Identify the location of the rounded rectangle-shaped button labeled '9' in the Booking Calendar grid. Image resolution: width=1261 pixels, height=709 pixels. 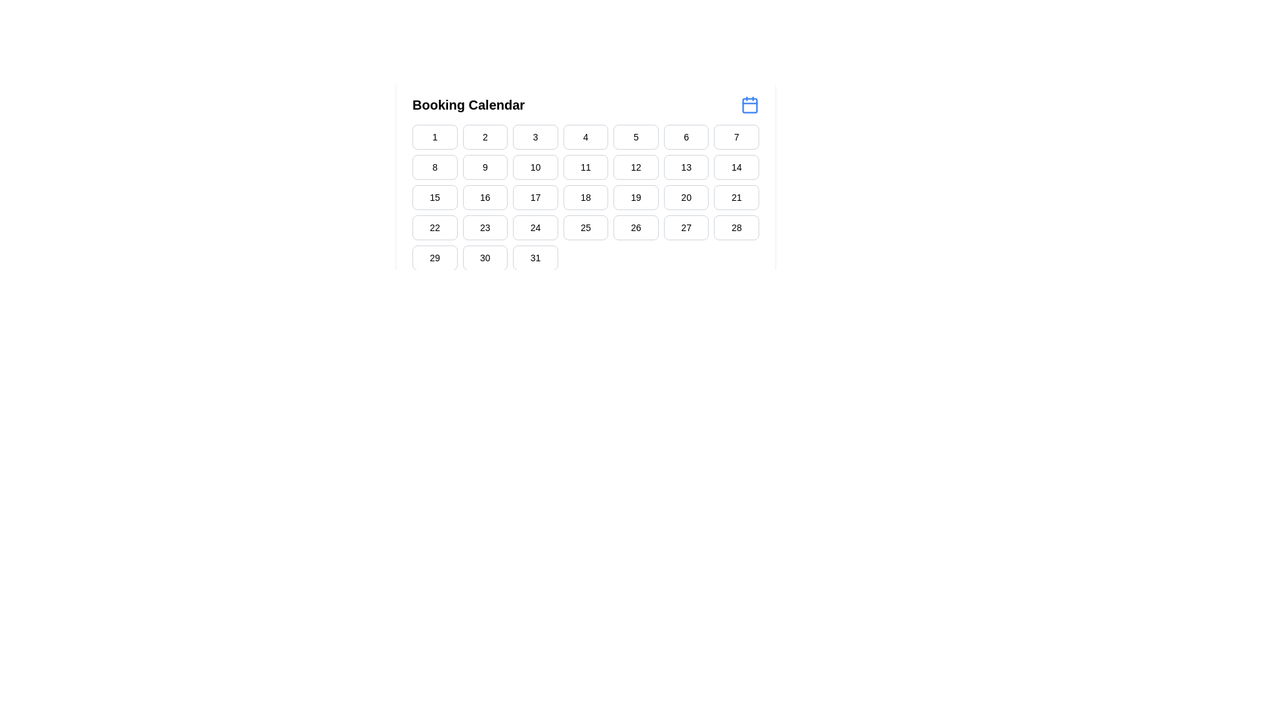
(484, 166).